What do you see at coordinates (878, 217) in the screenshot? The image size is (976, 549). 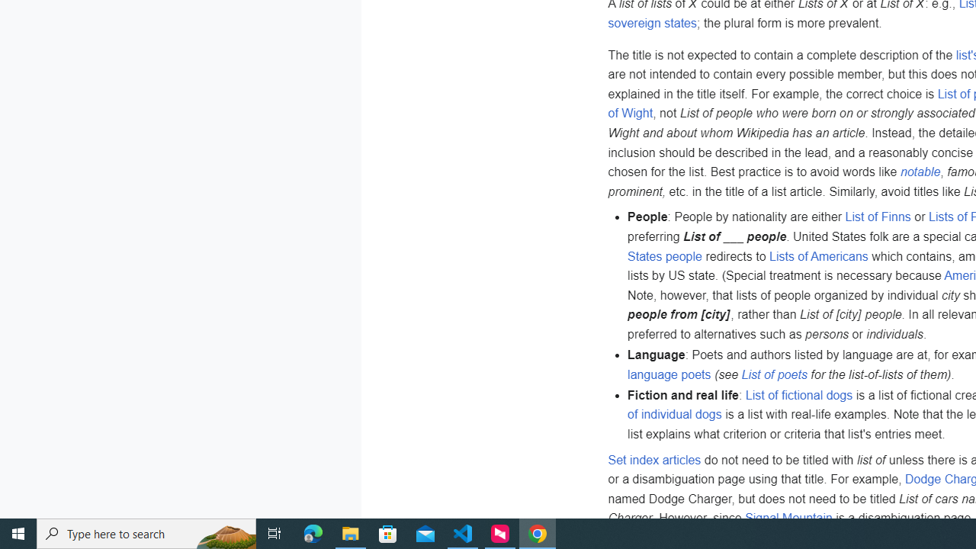 I see `'List of Finns'` at bounding box center [878, 217].